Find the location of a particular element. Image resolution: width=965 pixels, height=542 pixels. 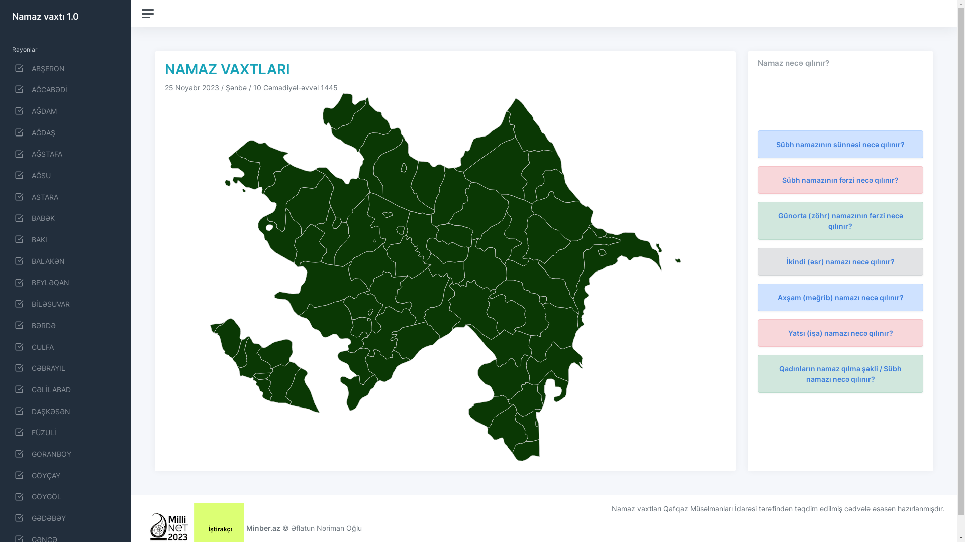

'GORANBOY' is located at coordinates (64, 453).